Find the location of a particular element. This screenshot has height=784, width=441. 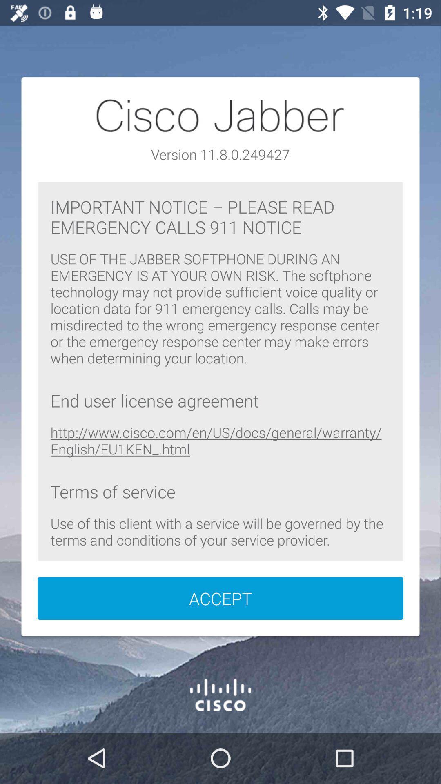

the text cisco jabber is located at coordinates (220, 115).